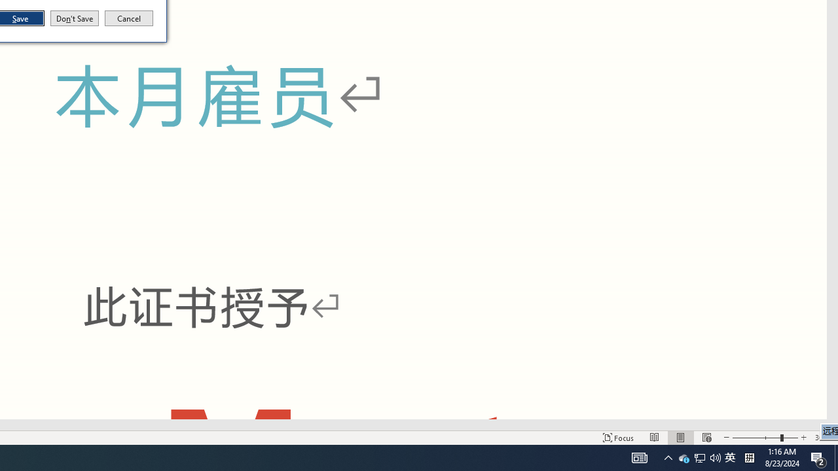 This screenshot has width=838, height=471. What do you see at coordinates (683, 457) in the screenshot?
I see `'Notification Chevron'` at bounding box center [683, 457].